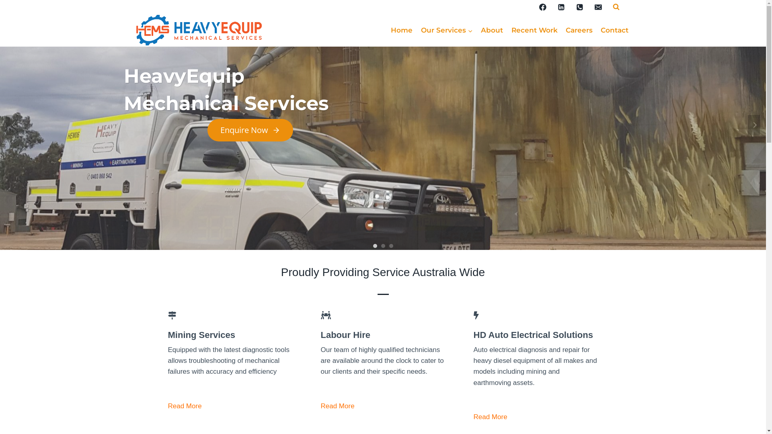 This screenshot has width=772, height=434. What do you see at coordinates (401, 30) in the screenshot?
I see `'Home'` at bounding box center [401, 30].